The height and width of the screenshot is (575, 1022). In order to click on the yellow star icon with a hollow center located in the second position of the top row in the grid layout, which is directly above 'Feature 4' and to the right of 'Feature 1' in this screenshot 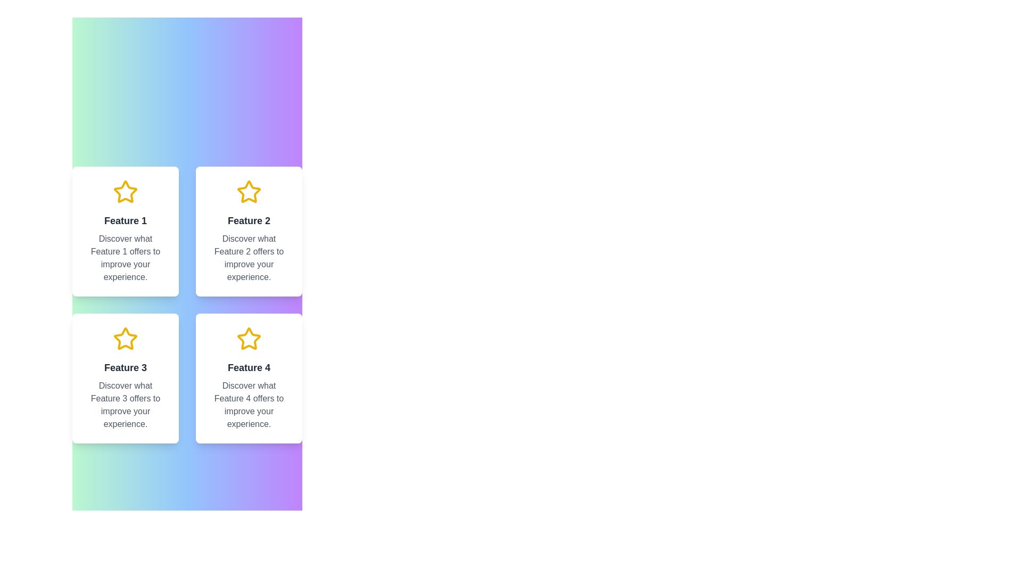, I will do `click(248, 192)`.